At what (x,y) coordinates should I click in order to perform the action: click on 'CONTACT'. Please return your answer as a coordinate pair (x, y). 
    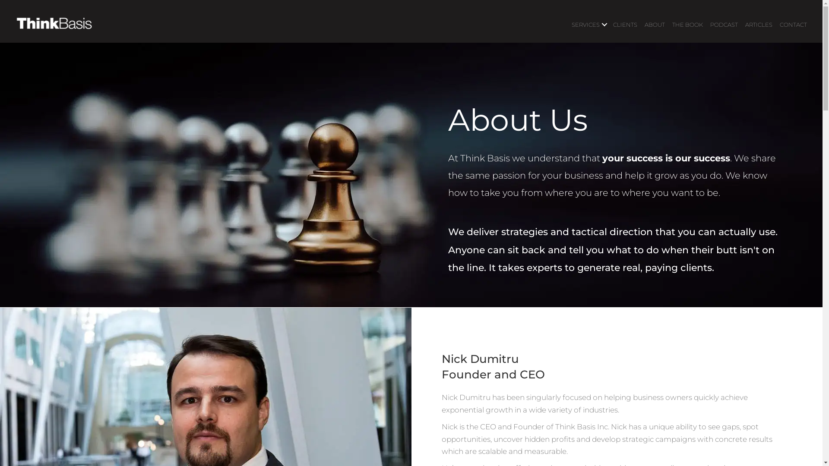
    Looking at the image, I should click on (793, 24).